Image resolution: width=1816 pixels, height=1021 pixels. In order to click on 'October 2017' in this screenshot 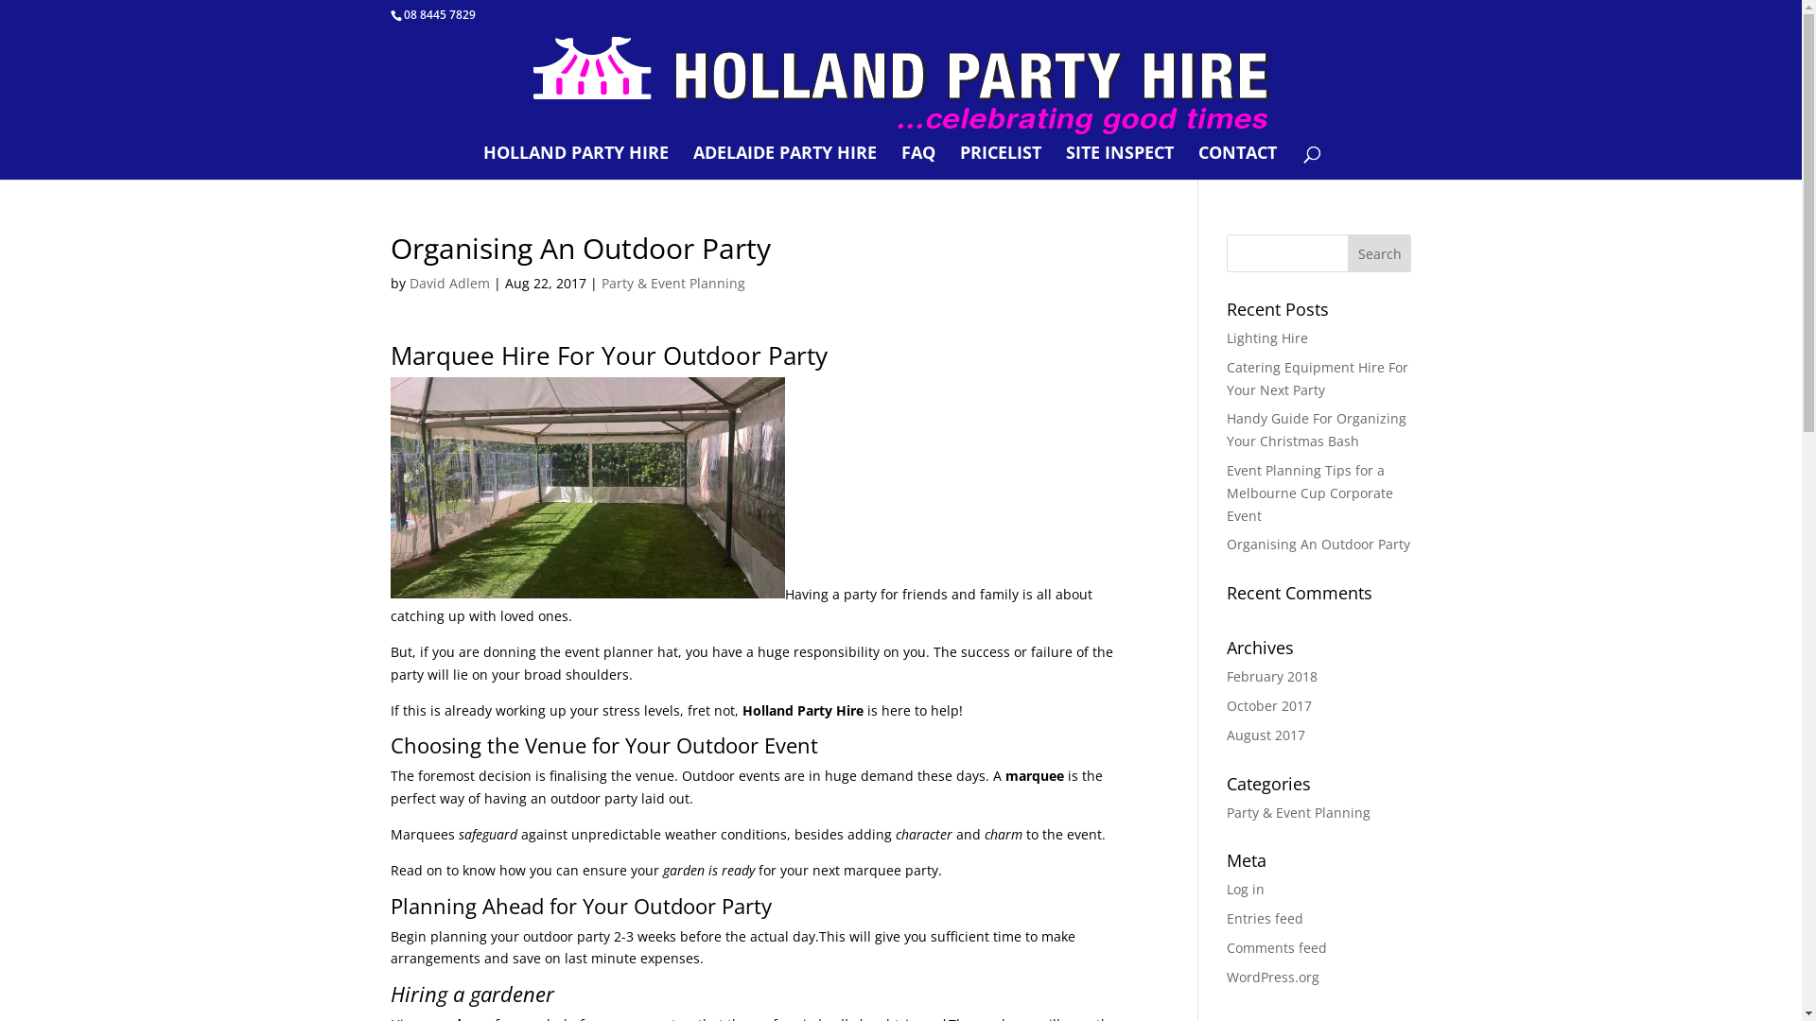, I will do `click(1269, 705)`.